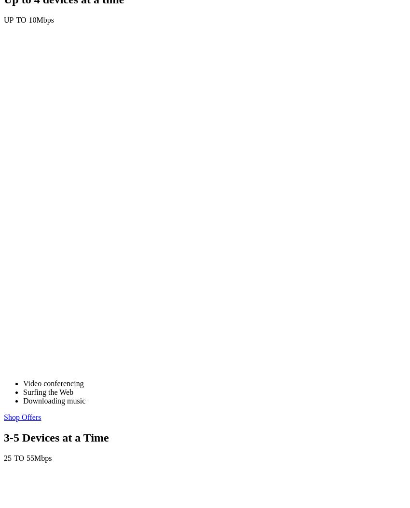  Describe the element at coordinates (30, 458) in the screenshot. I see `'55'` at that location.